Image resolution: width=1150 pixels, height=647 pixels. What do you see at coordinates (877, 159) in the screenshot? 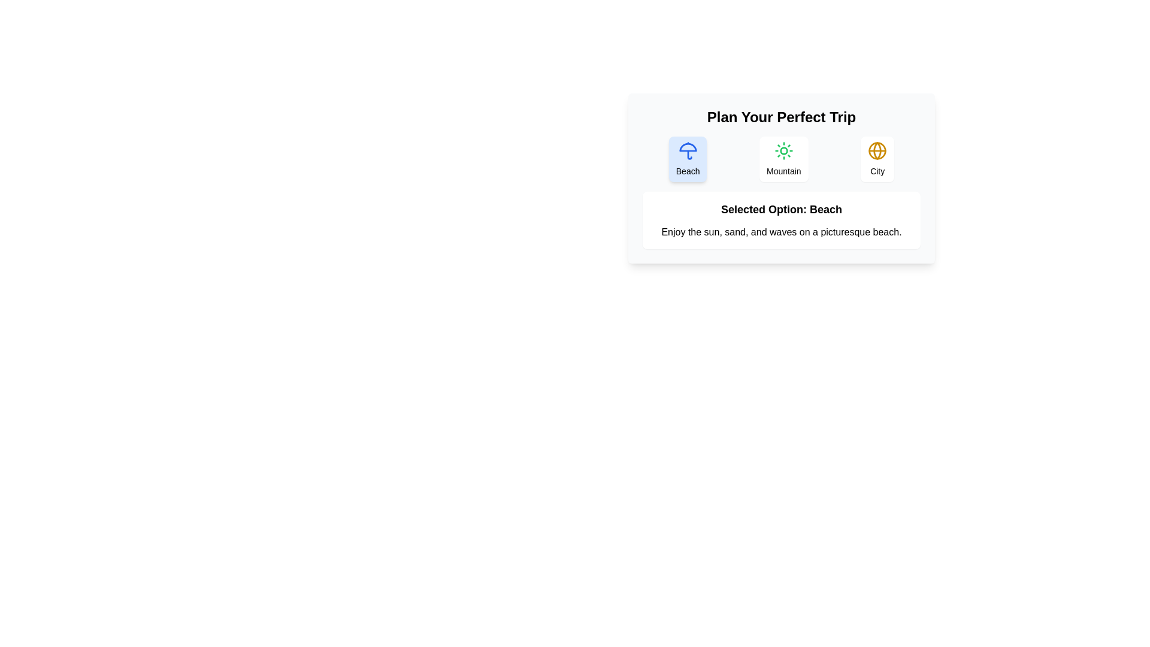
I see `the 'City' button, which is a rounded rectangle with a white background, a yellow globe icon at the top center, and the text 'City' below it, located at the rightmost position in a group of three buttons` at bounding box center [877, 159].